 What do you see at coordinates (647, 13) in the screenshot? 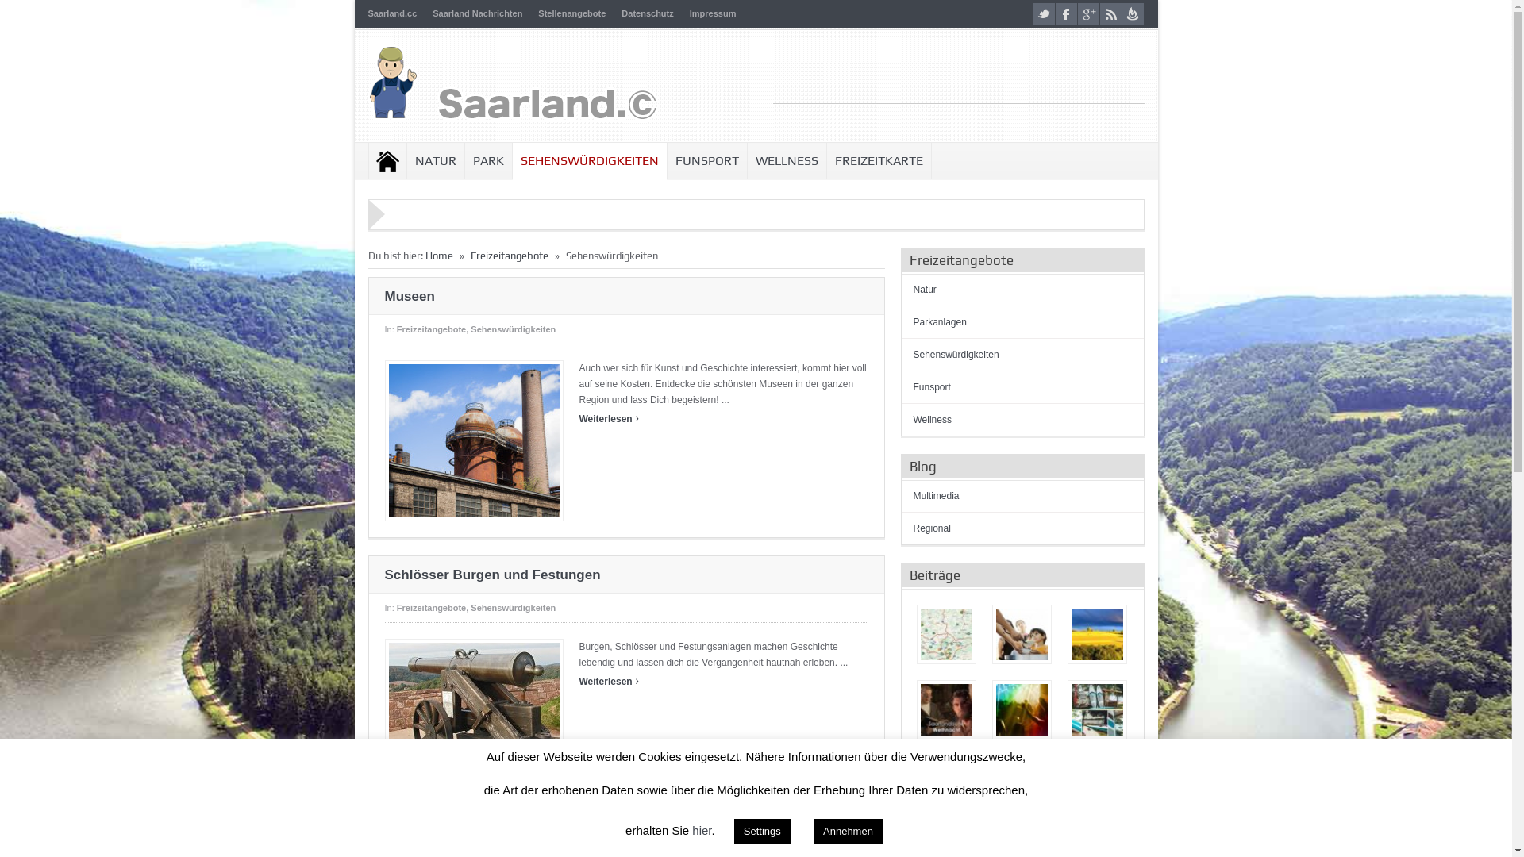
I see `'Datenschutz'` at bounding box center [647, 13].